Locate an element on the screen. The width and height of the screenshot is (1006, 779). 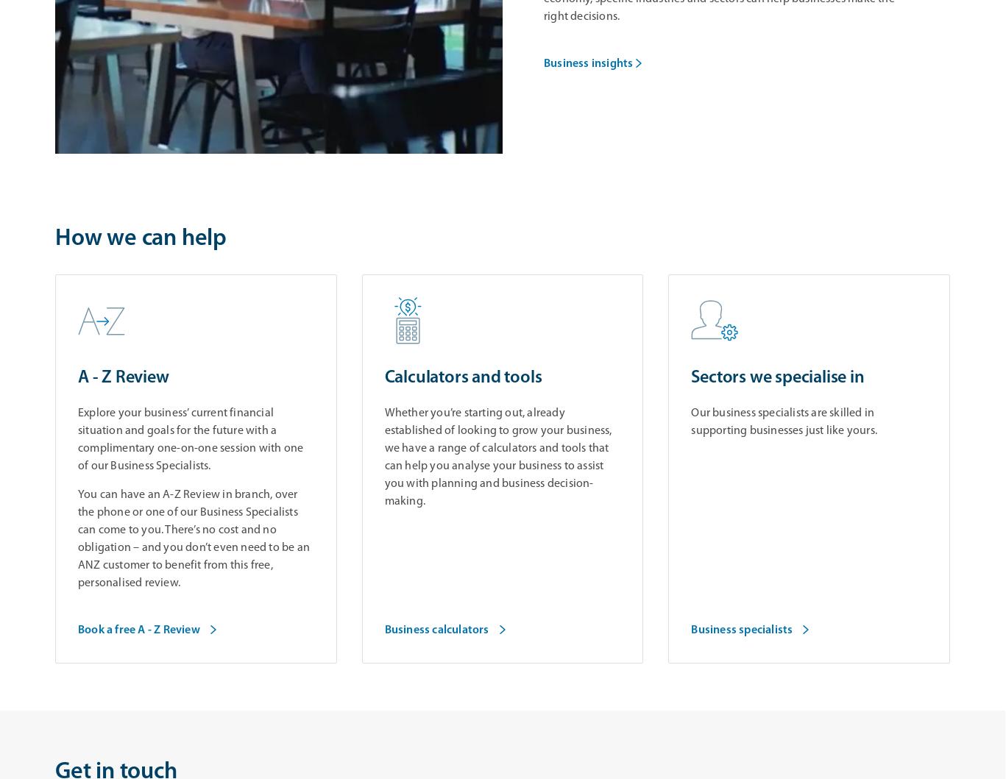
'Explore your business’ current financial situation and goals for the future with a complimentary one-on-one session with one of our Business Specialists.' is located at coordinates (77, 439).